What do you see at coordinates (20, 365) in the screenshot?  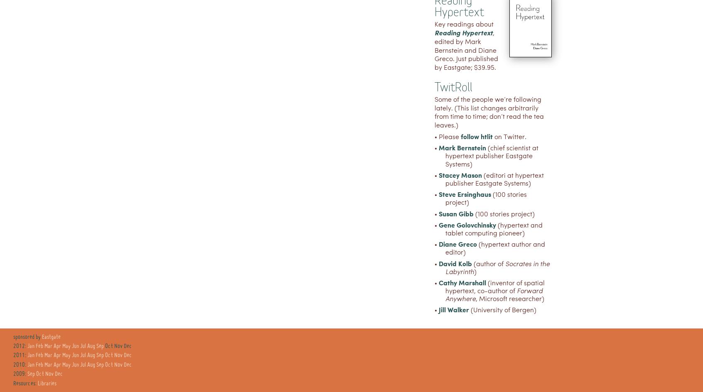 I see `'2010:'` at bounding box center [20, 365].